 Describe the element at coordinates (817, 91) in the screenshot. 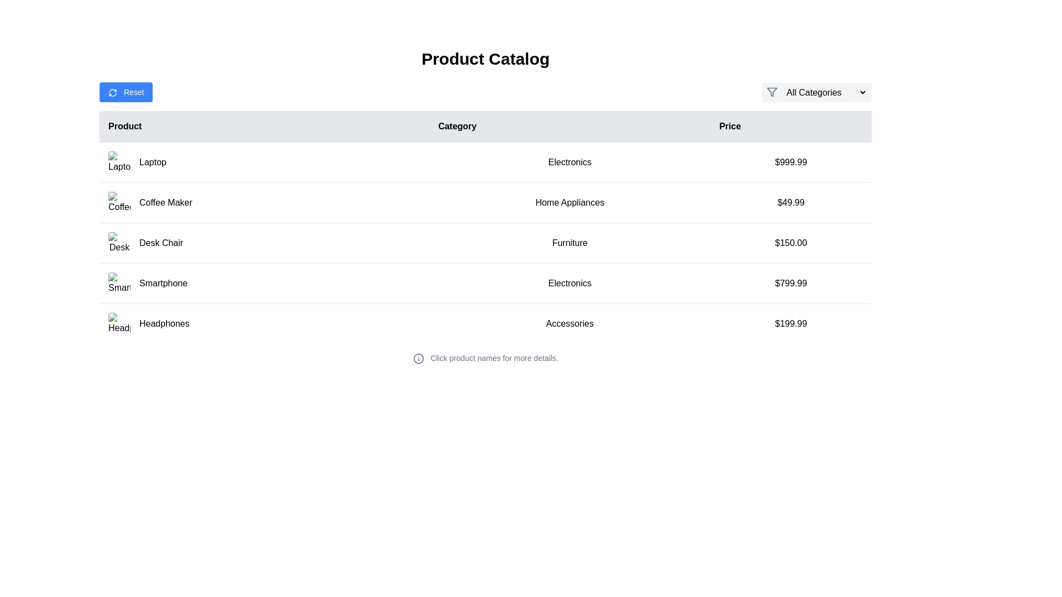

I see `keyboard navigation` at that location.